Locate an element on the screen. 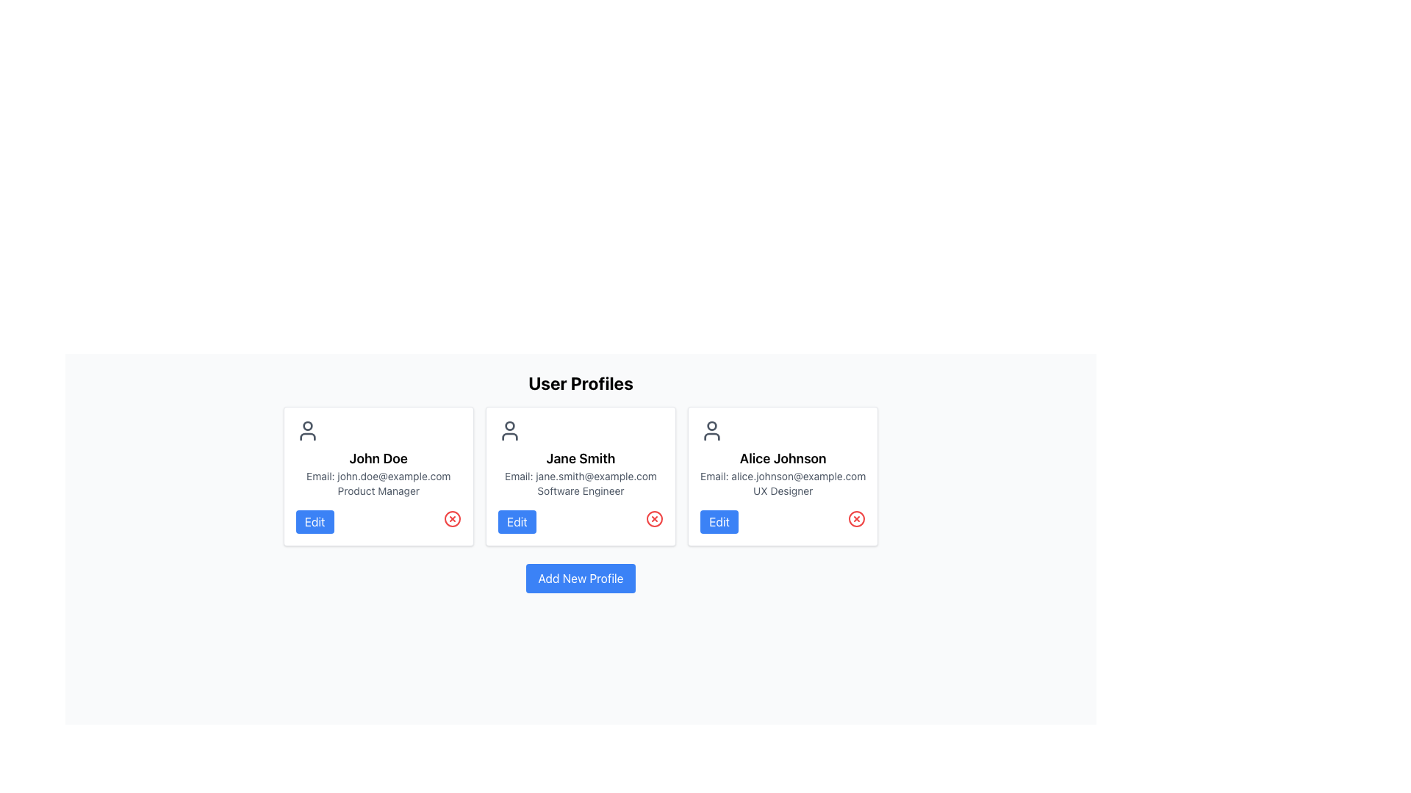  the static visual indicator representing Jane Smith's head in the user profile icon located at the top center of the middle user profile card is located at coordinates (509, 426).